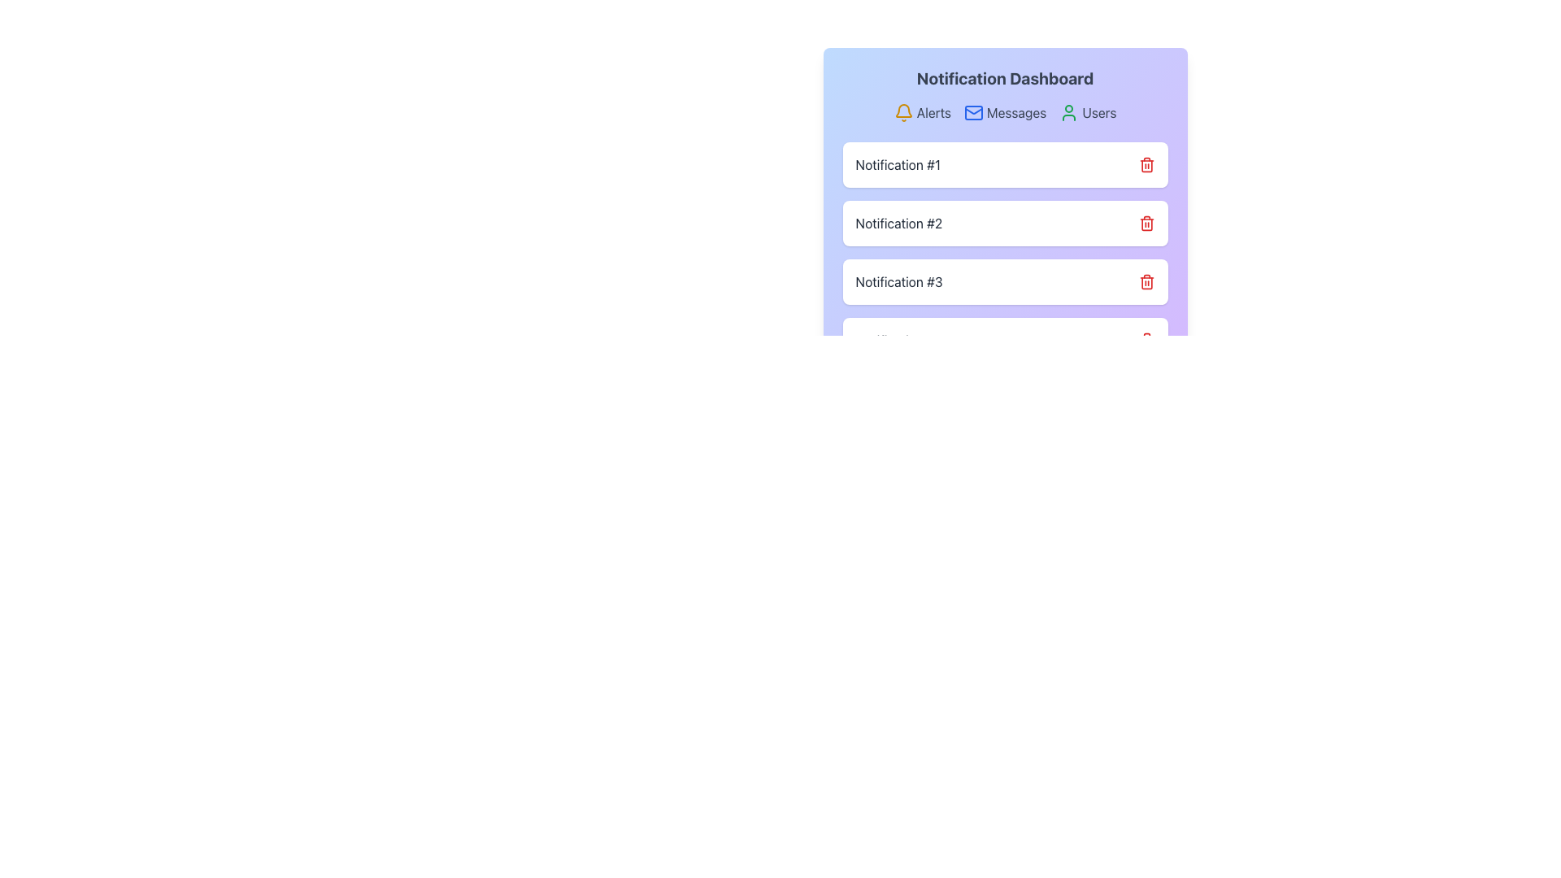 Image resolution: width=1561 pixels, height=878 pixels. I want to click on the red trash icon button located to the right of 'Notification #1' to observe any visual feedback, so click(1146, 165).